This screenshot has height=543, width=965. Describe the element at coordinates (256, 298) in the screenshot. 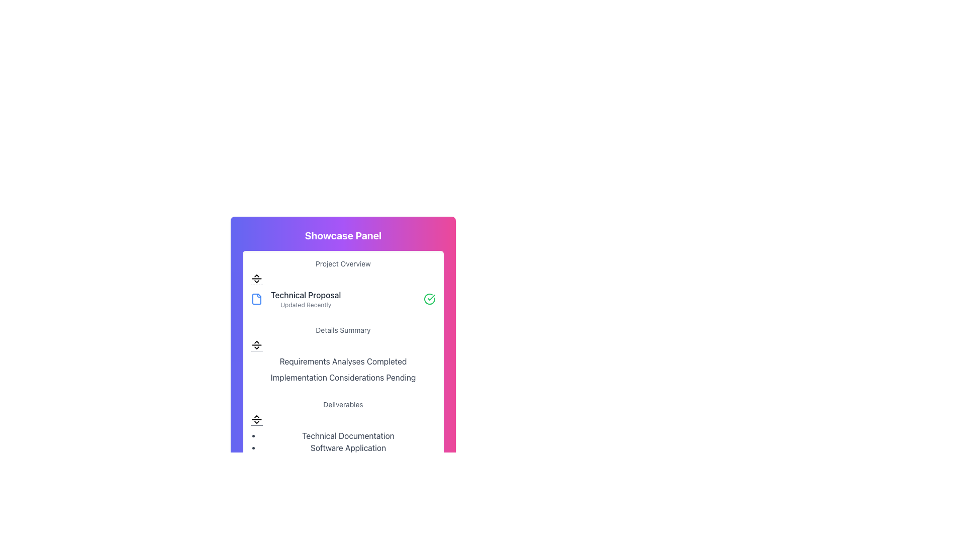

I see `the icon representing the 'Technical Proposal' located within the 'Showcase Panel' section, positioned to the left of the 'Technical Proposal' text` at that location.